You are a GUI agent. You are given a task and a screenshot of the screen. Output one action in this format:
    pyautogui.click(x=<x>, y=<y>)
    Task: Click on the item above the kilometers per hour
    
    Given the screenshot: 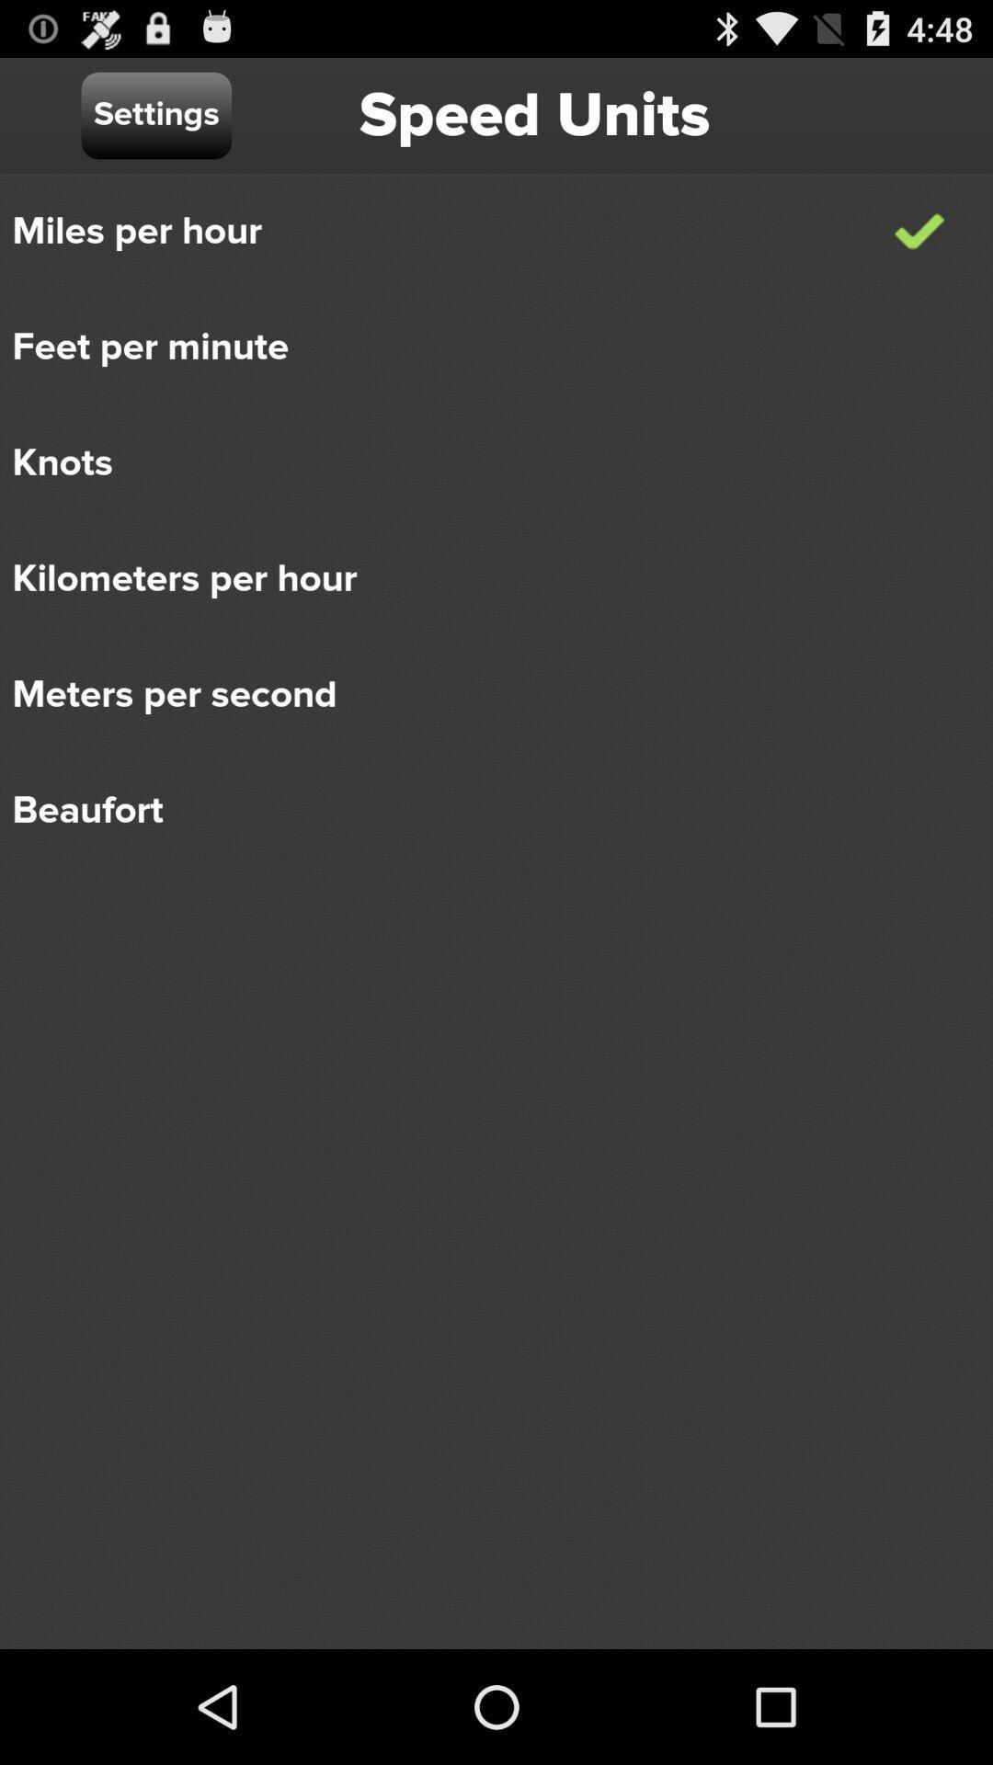 What is the action you would take?
    pyautogui.click(x=483, y=463)
    